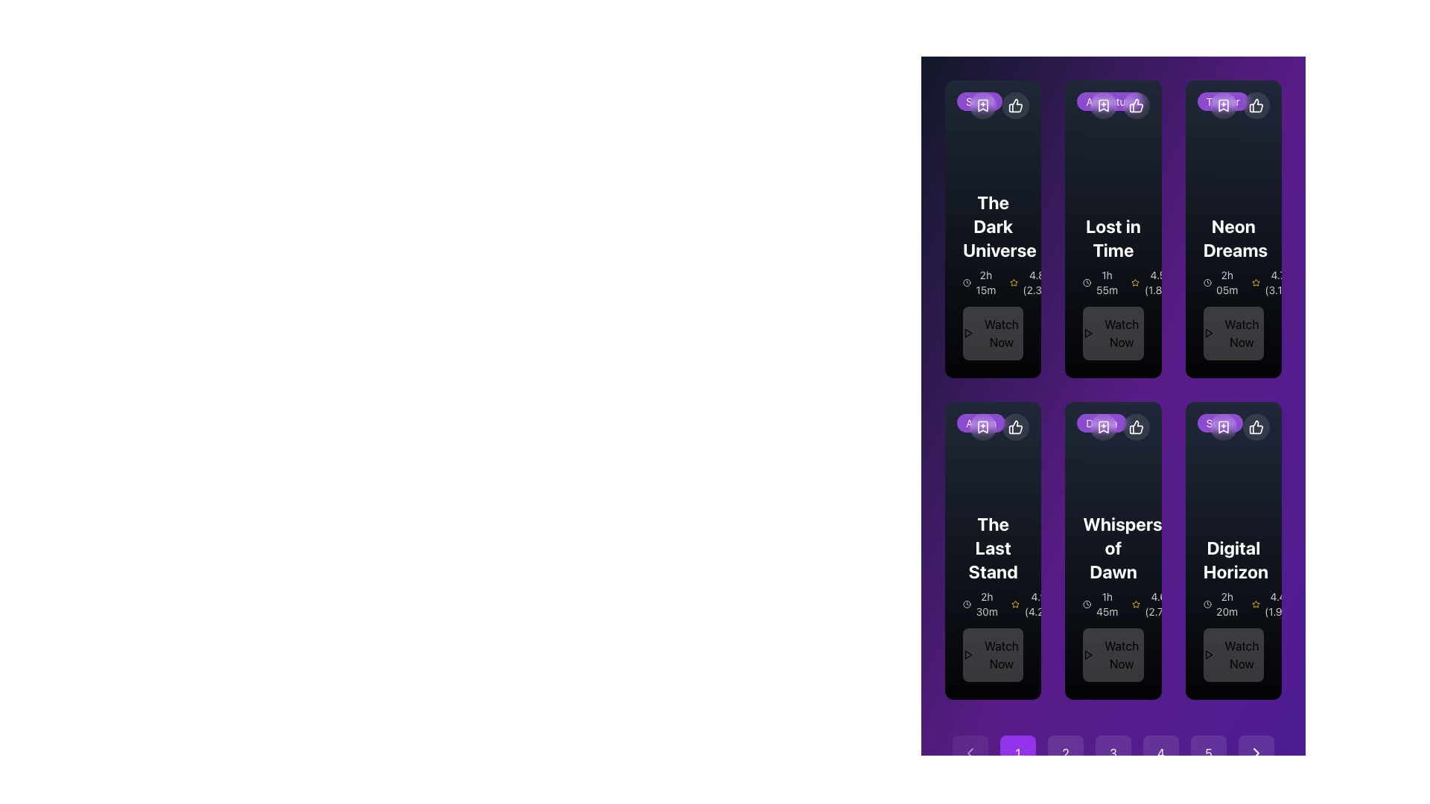  I want to click on the state change of the yellow star icon indicating an active rating for the 'Neon Dreams' card, which is located on the right-most card in the group, so click(1255, 282).